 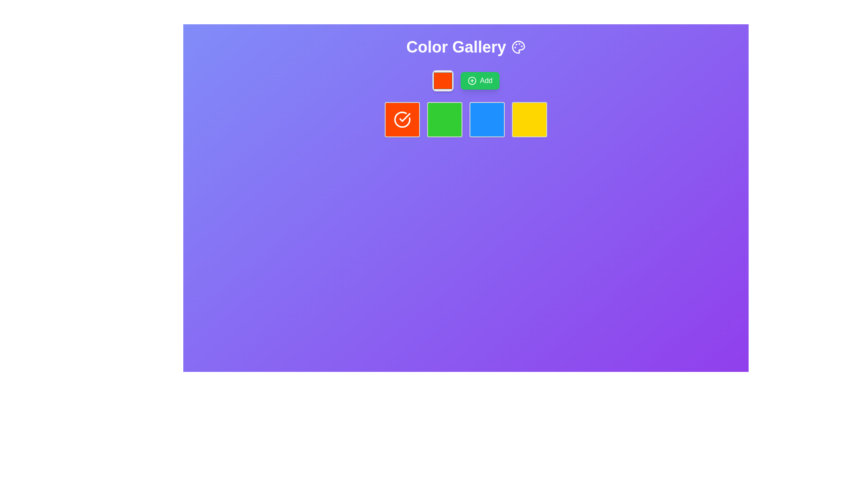 I want to click on the 'Add' button with a bright green background and white text, located in the 'Color Gallery' section, so click(x=479, y=80).